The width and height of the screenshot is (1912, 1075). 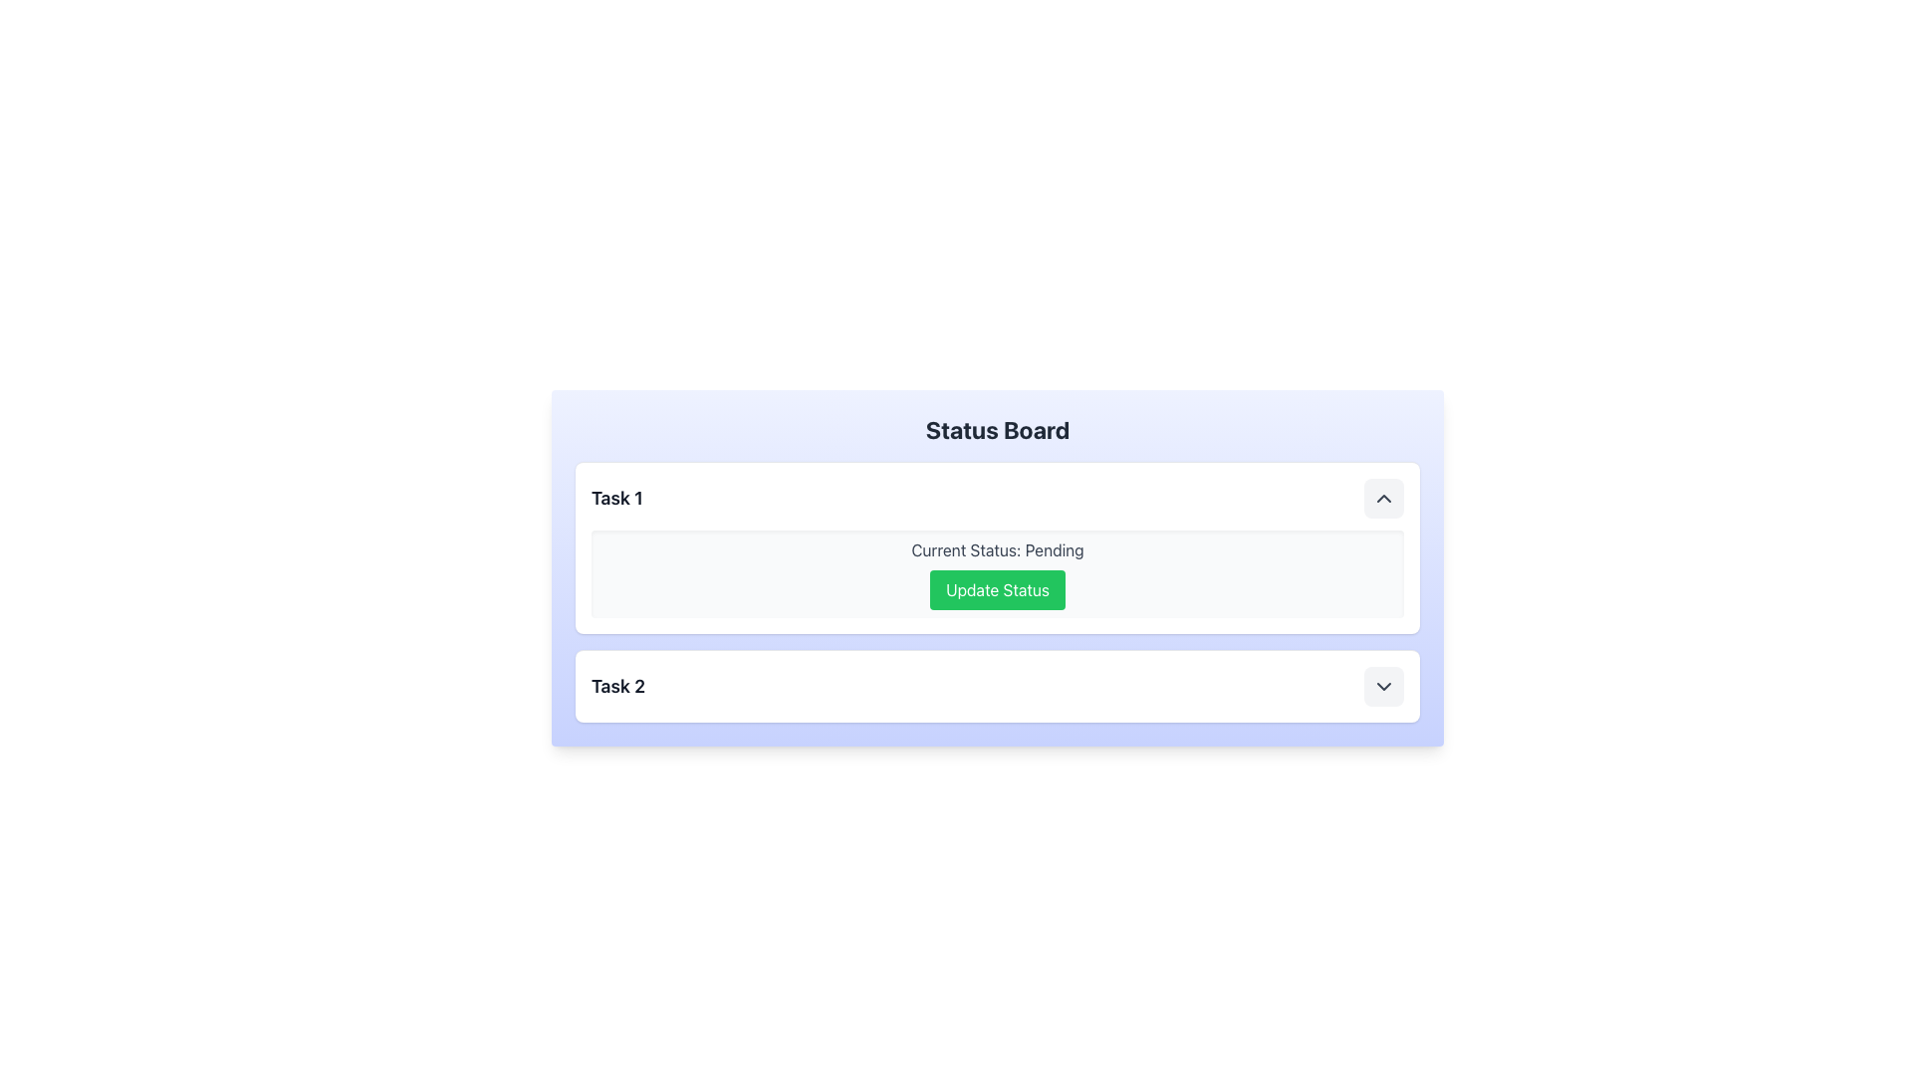 What do you see at coordinates (1383, 498) in the screenshot?
I see `the upward-pointing chevron icon located on the right side of the 'Task 1' section` at bounding box center [1383, 498].